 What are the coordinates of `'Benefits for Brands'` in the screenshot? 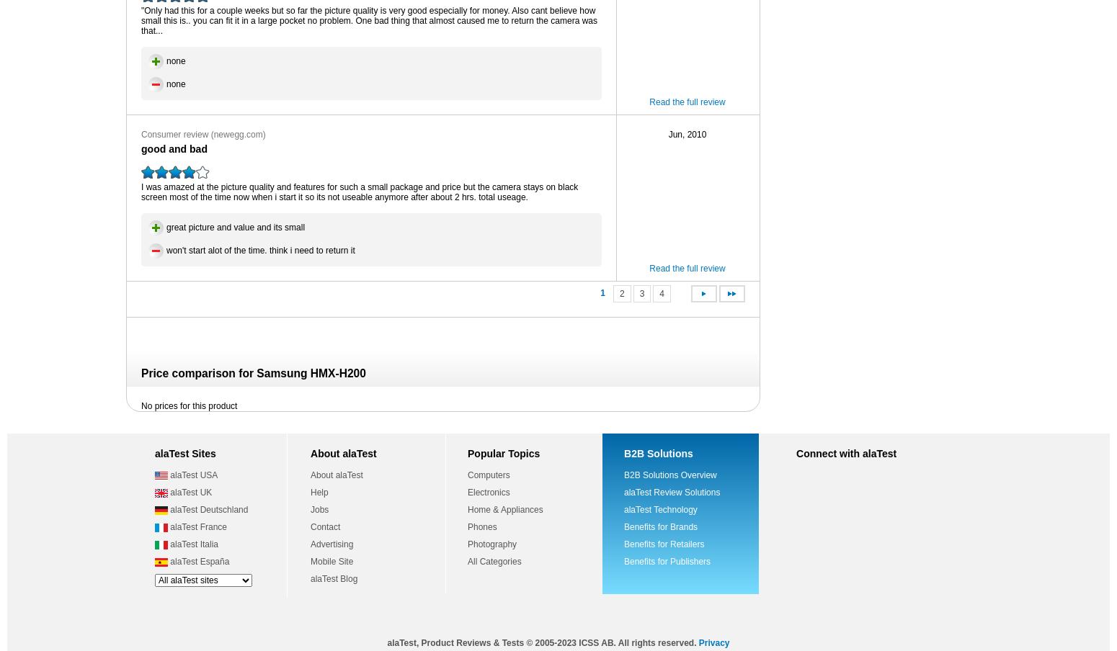 It's located at (660, 526).